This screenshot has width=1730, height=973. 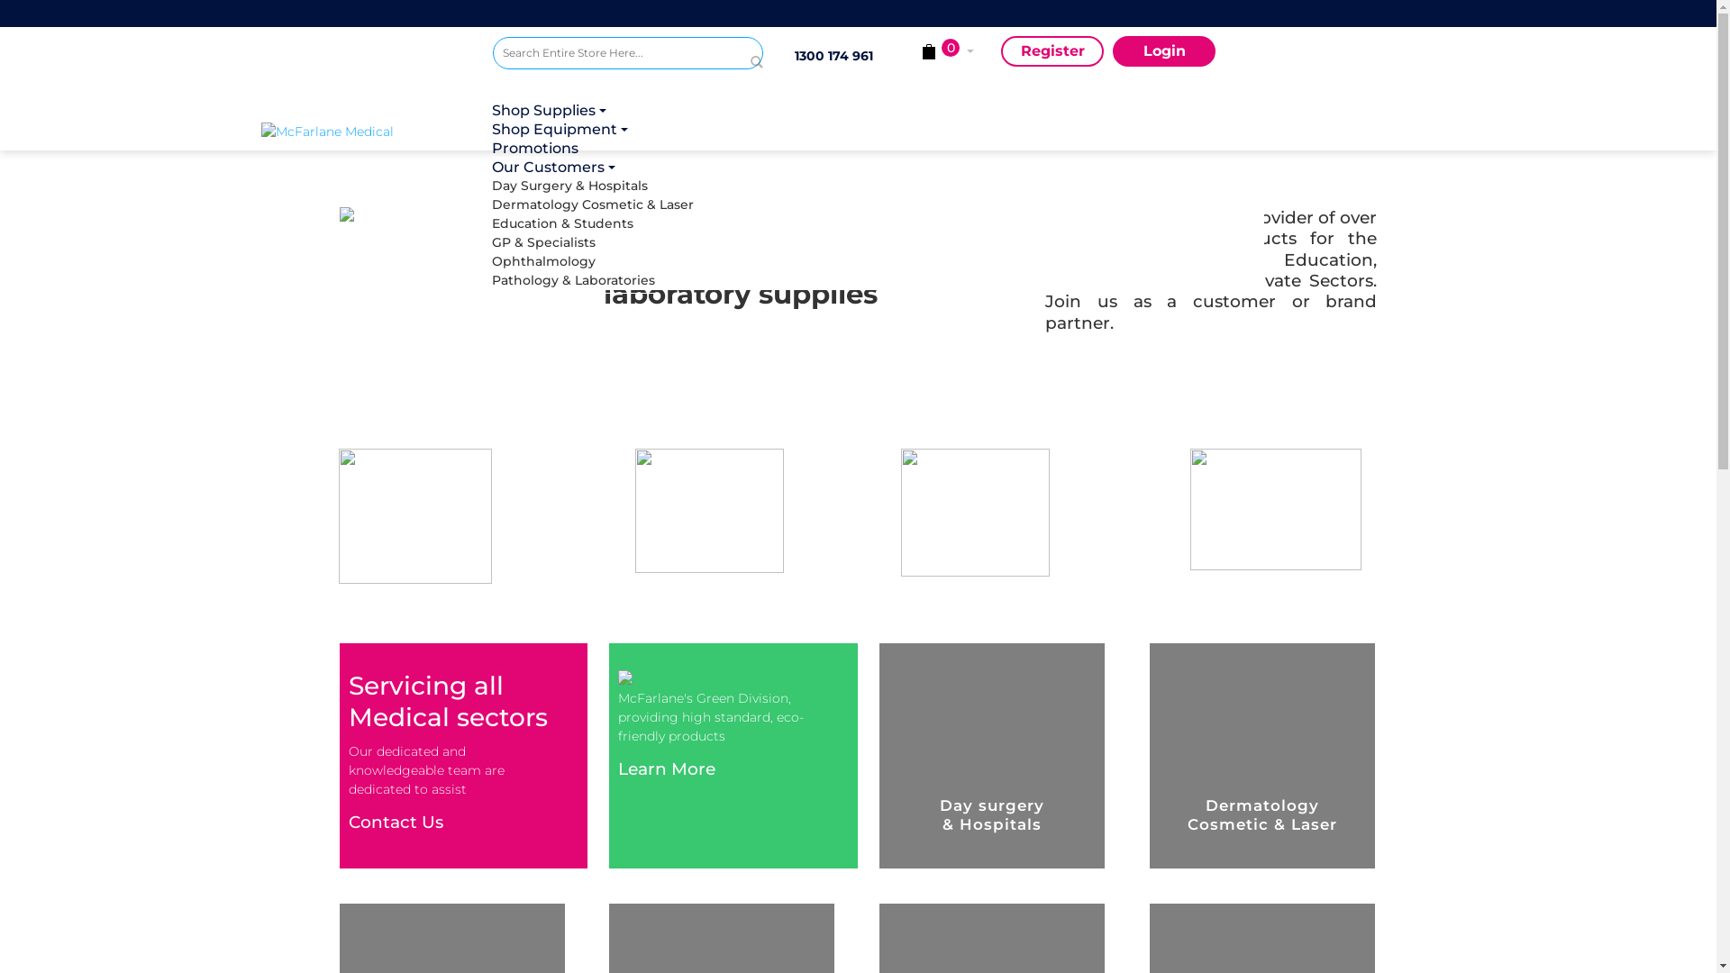 What do you see at coordinates (731, 51) in the screenshot?
I see `'Search'` at bounding box center [731, 51].